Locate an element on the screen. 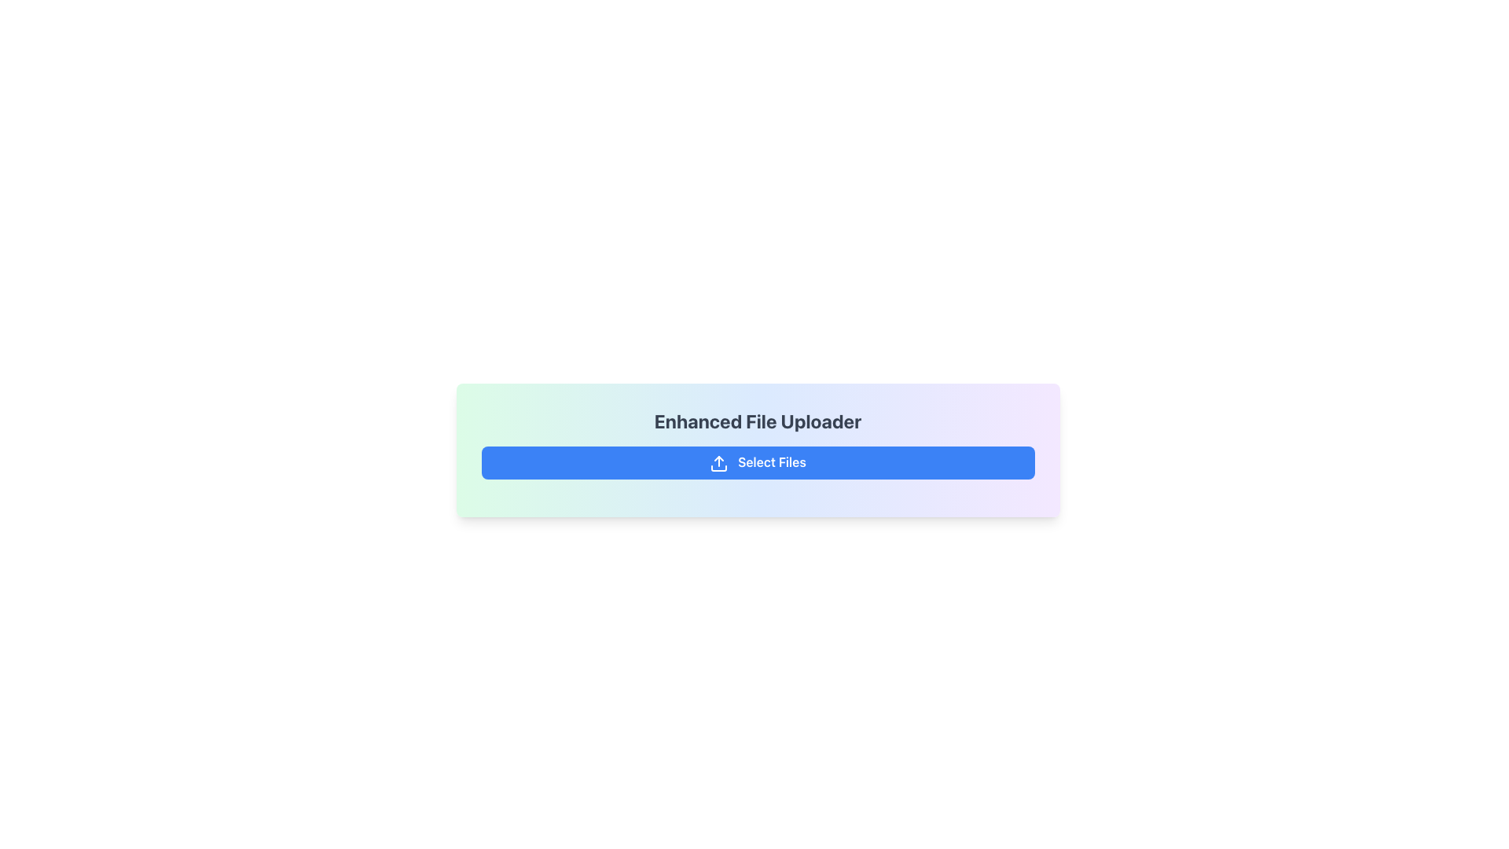 This screenshot has height=849, width=1509. the rectangular button with a bold blue background labeled 'Select Files' to observe the hover effect is located at coordinates (758, 461).